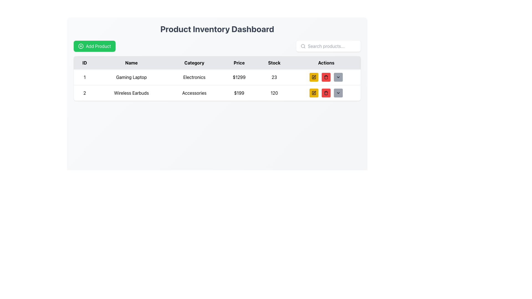 The width and height of the screenshot is (532, 299). I want to click on the yellow button with a pen icon located in the 'Actions' column of the first data row aligned with the 'Gaming Laptop' entry, so click(314, 77).